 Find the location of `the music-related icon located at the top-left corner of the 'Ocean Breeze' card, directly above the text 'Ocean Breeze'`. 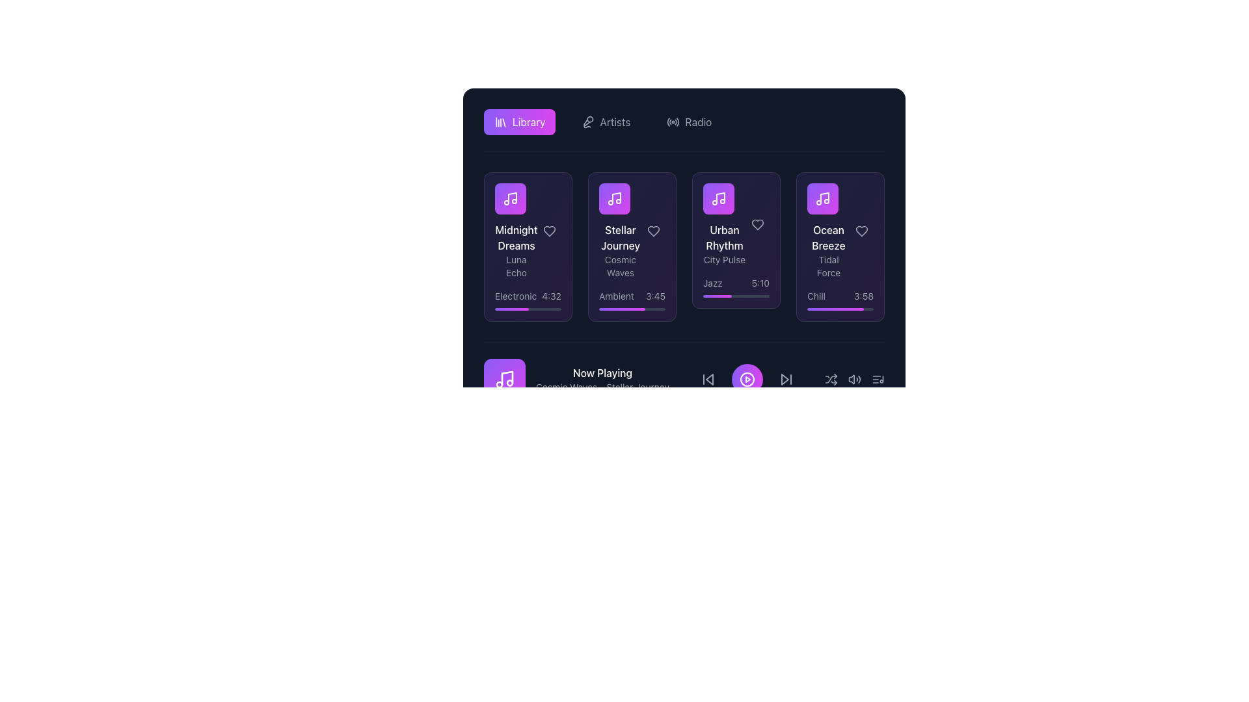

the music-related icon located at the top-left corner of the 'Ocean Breeze' card, directly above the text 'Ocean Breeze' is located at coordinates (822, 198).